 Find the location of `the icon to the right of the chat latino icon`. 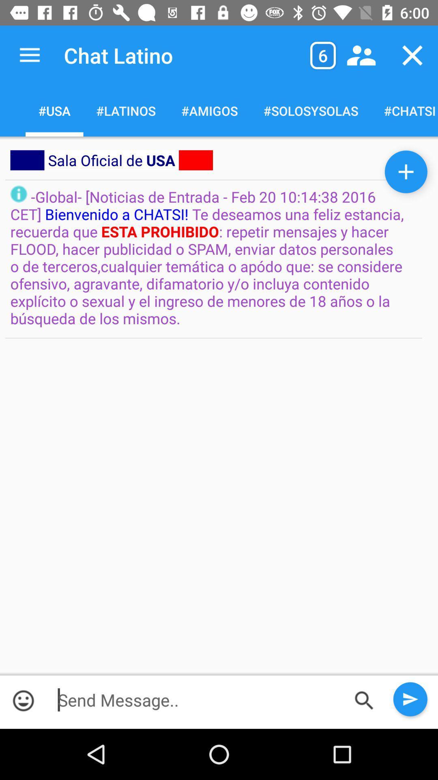

the icon to the right of the chat latino icon is located at coordinates (322, 55).